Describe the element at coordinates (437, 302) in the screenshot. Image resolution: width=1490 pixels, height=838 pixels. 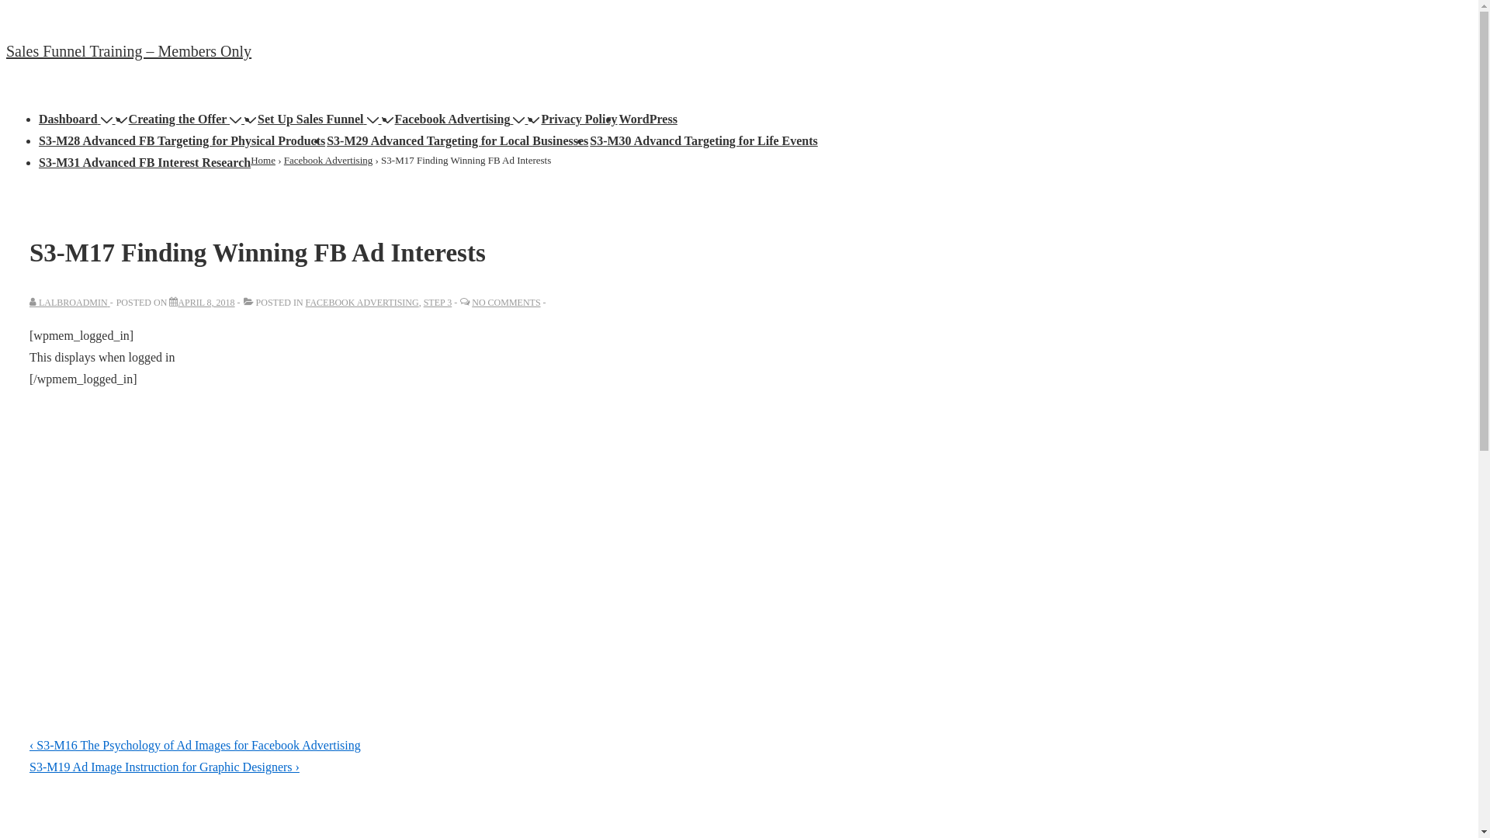
I see `'STEP 3'` at that location.